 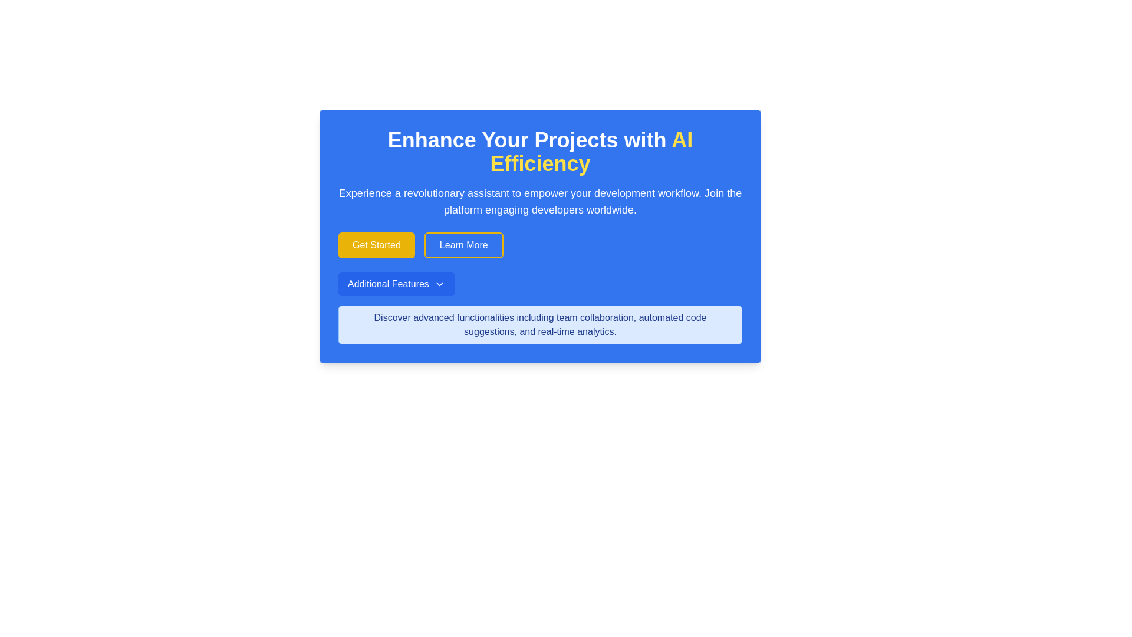 What do you see at coordinates (539, 152) in the screenshot?
I see `the prominent title text element reading 'Enhance Your Projects with AI Efficiency,' which is styled with large, bold typography and highlighted in yellow, centered within a blue rectangular background` at bounding box center [539, 152].